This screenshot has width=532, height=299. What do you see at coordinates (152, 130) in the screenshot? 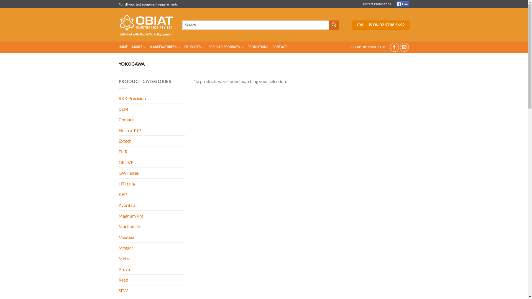
I see `'Electro-PJP'` at bounding box center [152, 130].